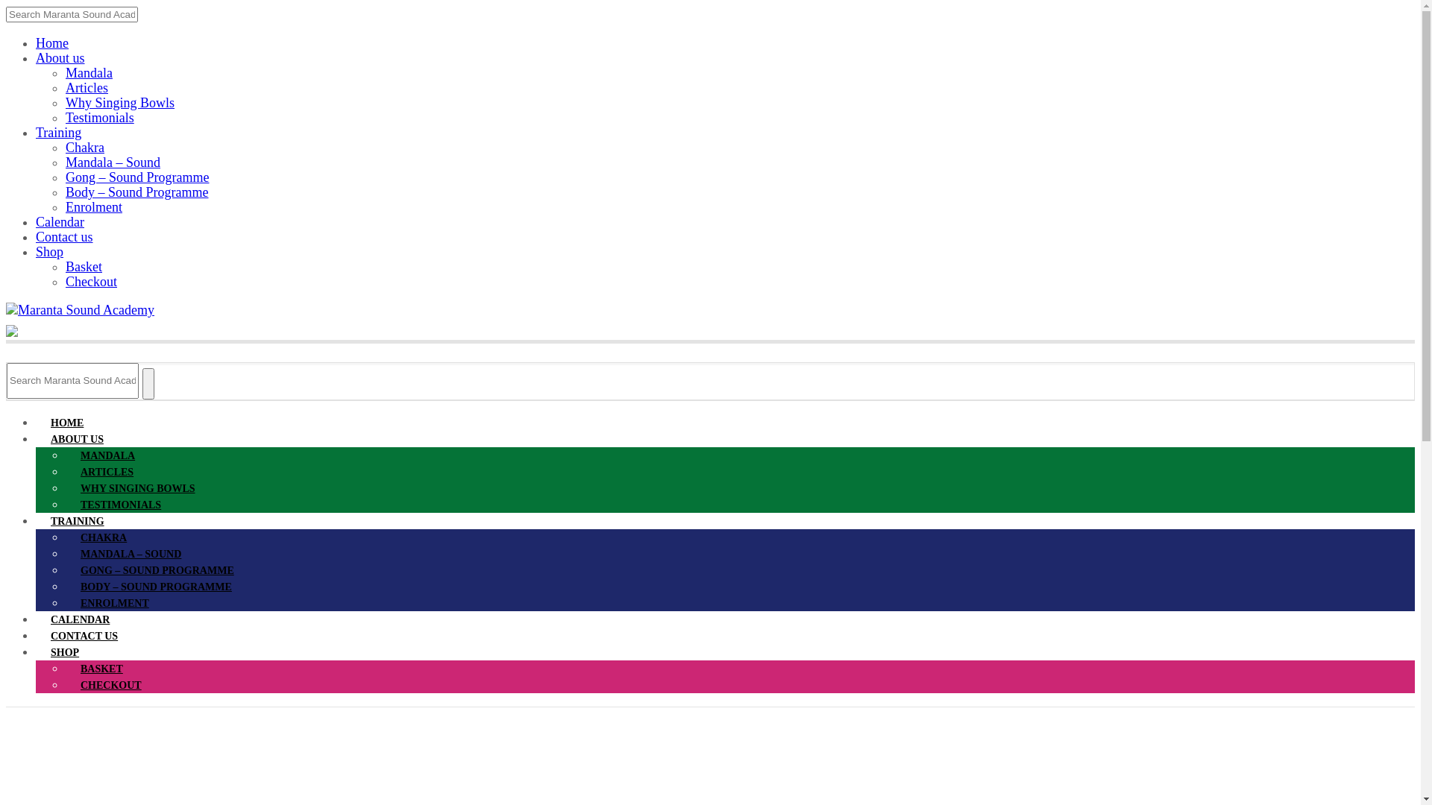 This screenshot has height=805, width=1432. Describe the element at coordinates (84, 636) in the screenshot. I see `'CONTACT US'` at that location.